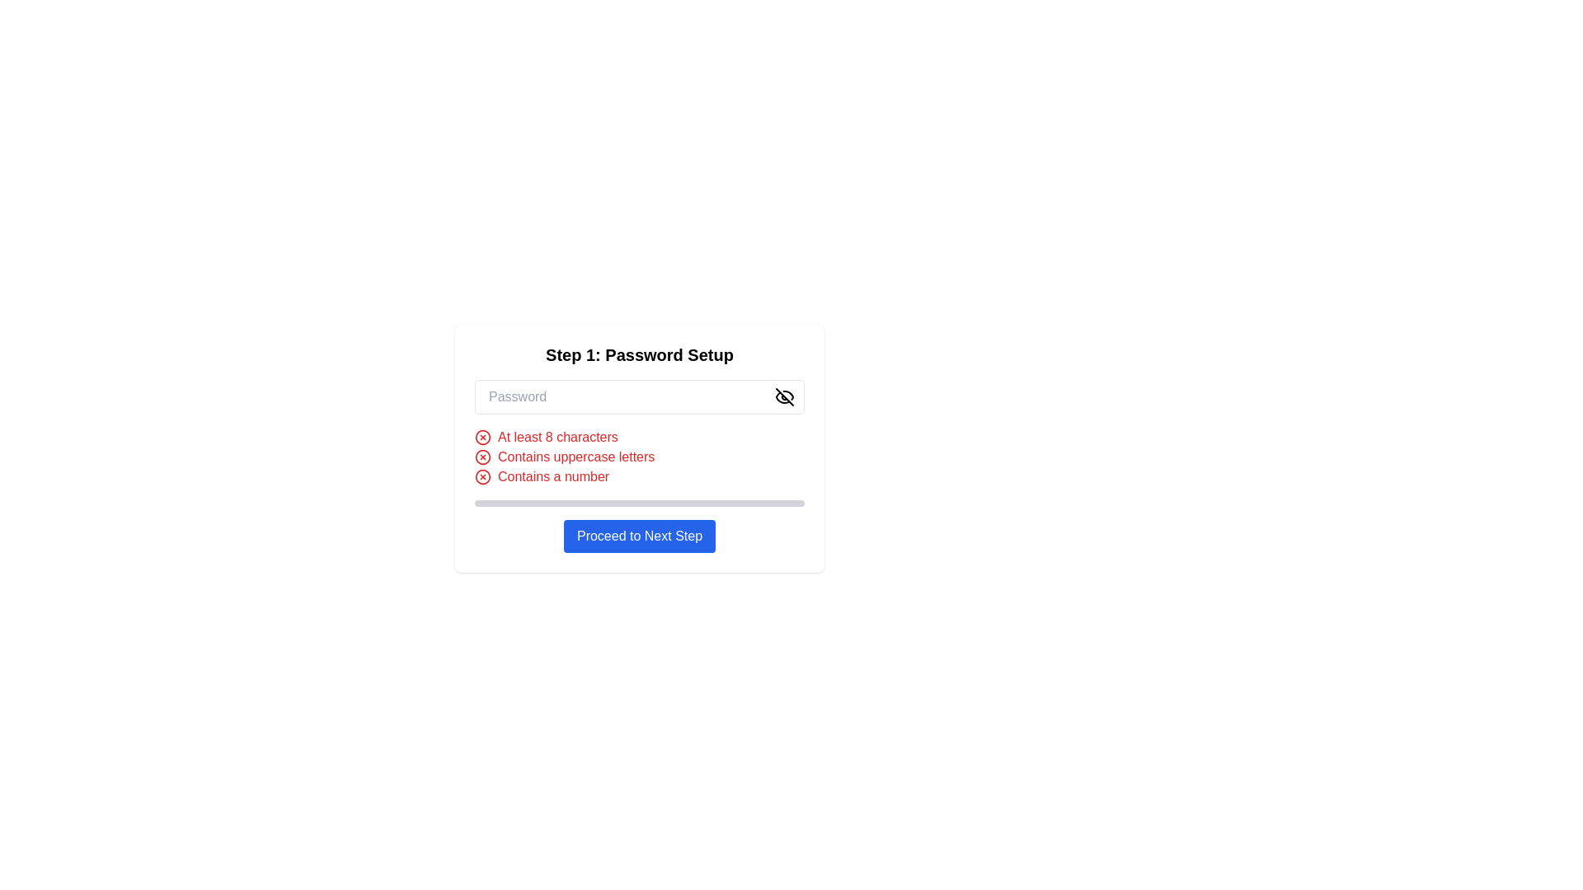  Describe the element at coordinates (481, 437) in the screenshot. I see `the warning icon indicating that the 'At least 8 characters' condition has not been met, located to the left of the text within the password input field warning message group` at that location.